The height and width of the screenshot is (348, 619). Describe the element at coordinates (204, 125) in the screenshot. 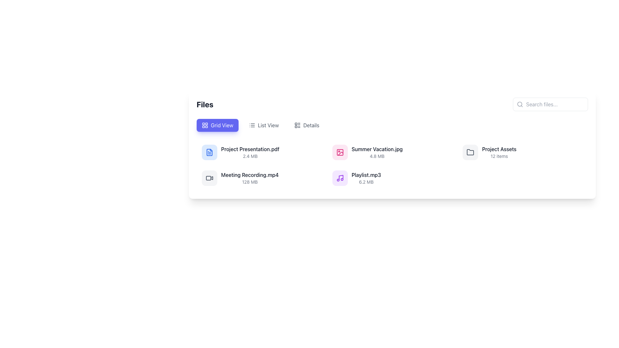

I see `the small grid icon, which is a 2x2 grid of squares located within the purple 'Grid View' button` at that location.